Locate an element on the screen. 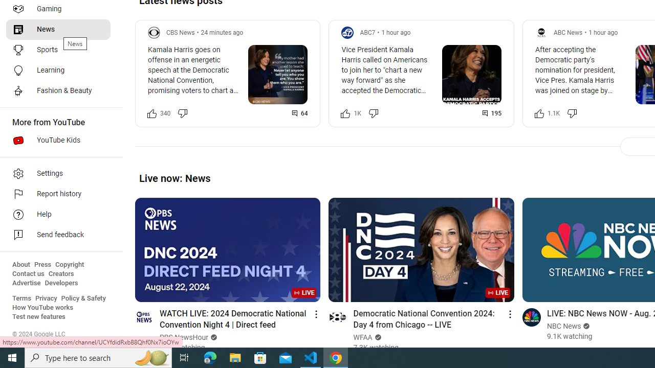  'WFAA' is located at coordinates (363, 337).